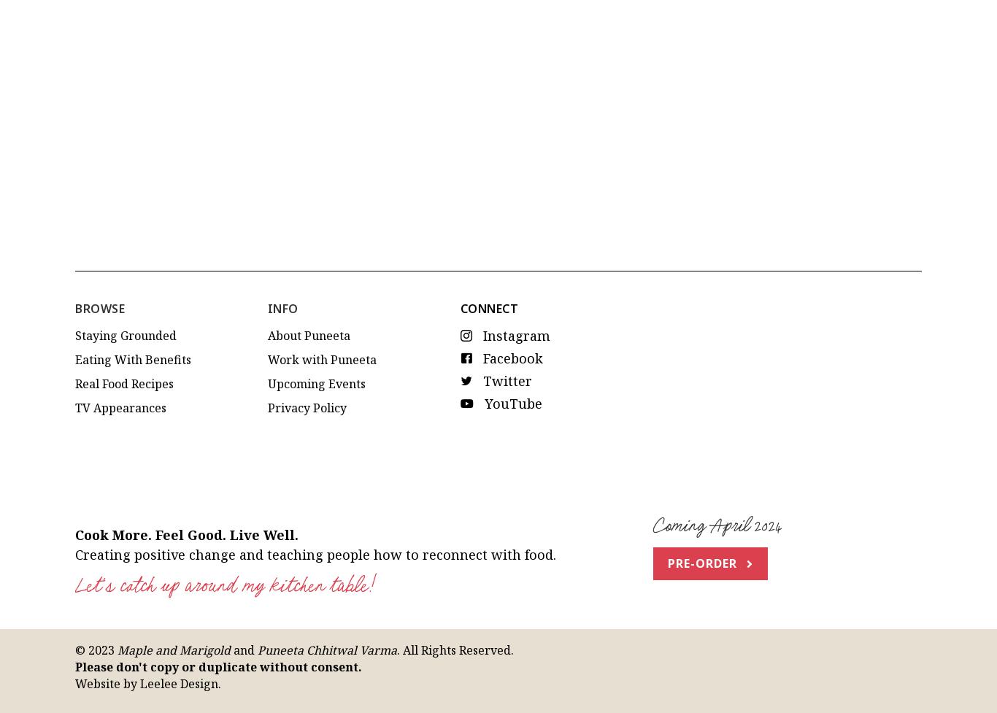  What do you see at coordinates (74, 263) in the screenshot?
I see `'Real Food Recipes'` at bounding box center [74, 263].